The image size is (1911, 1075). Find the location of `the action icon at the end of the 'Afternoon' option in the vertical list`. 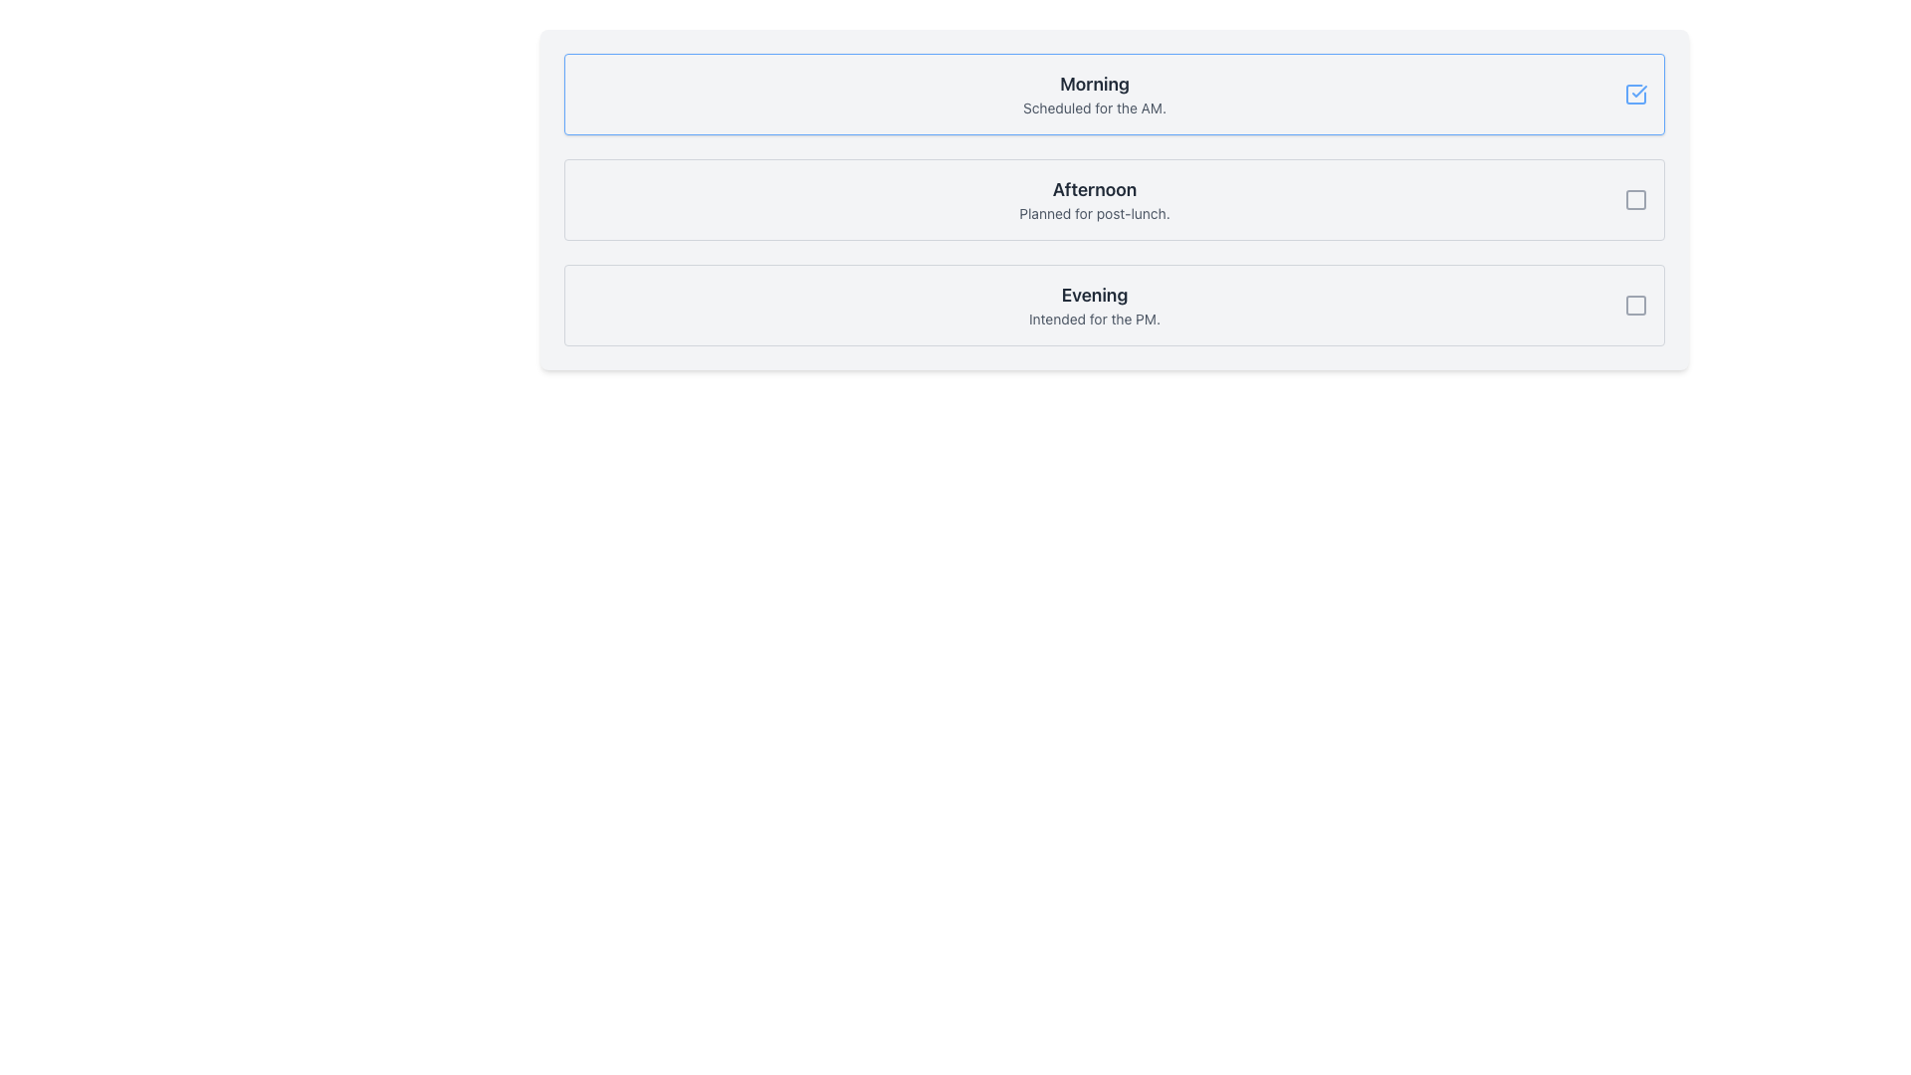

the action icon at the end of the 'Afternoon' option in the vertical list is located at coordinates (1635, 199).